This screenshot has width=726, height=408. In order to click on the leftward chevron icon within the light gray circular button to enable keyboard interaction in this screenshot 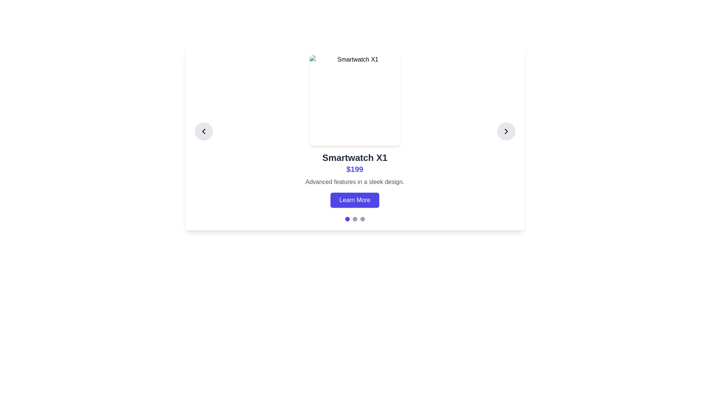, I will do `click(203, 131)`.